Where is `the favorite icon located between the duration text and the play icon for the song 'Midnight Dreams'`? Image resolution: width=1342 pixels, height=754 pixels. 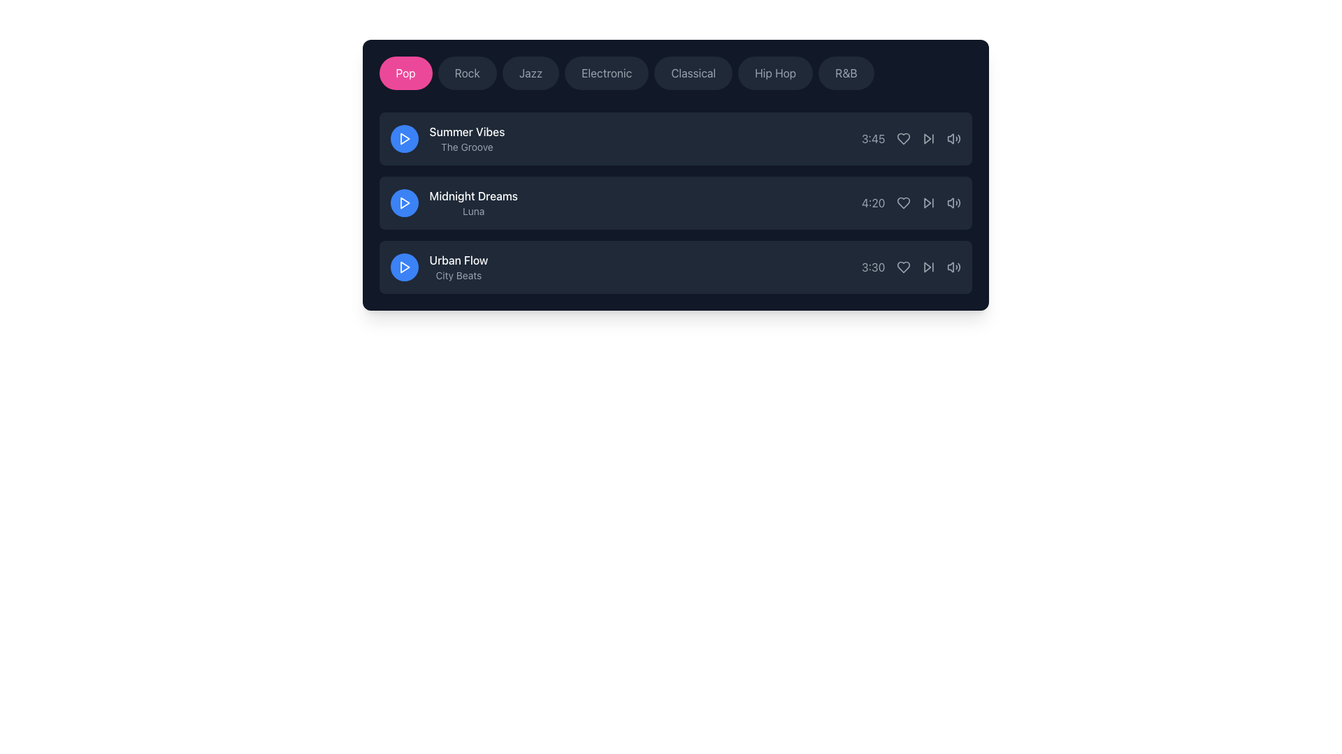
the favorite icon located between the duration text and the play icon for the song 'Midnight Dreams' is located at coordinates (903, 202).